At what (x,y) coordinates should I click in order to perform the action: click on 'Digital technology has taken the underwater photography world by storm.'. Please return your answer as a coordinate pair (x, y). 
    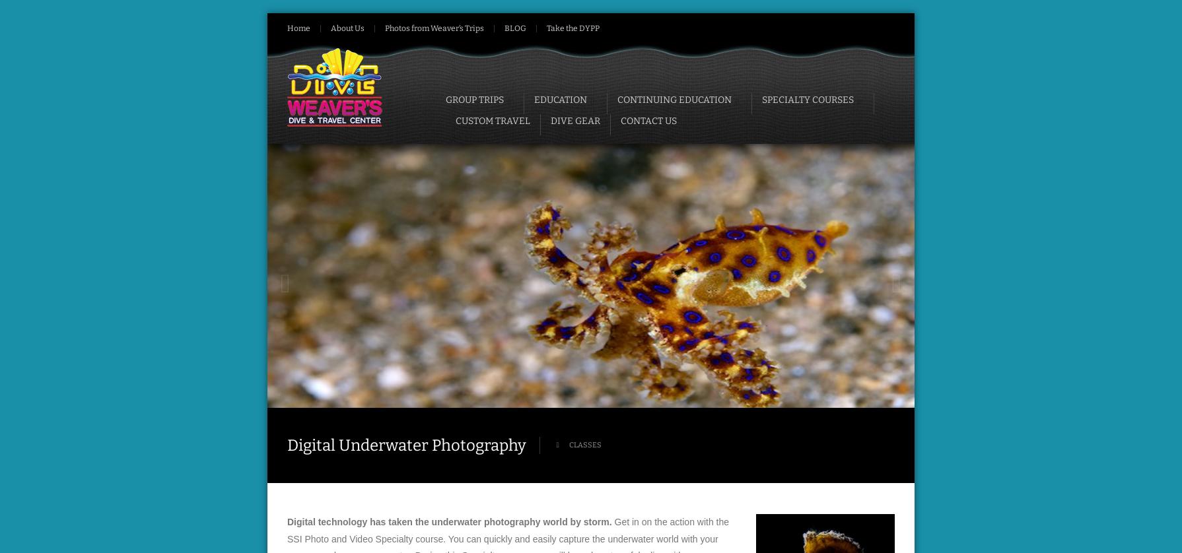
    Looking at the image, I should click on (448, 521).